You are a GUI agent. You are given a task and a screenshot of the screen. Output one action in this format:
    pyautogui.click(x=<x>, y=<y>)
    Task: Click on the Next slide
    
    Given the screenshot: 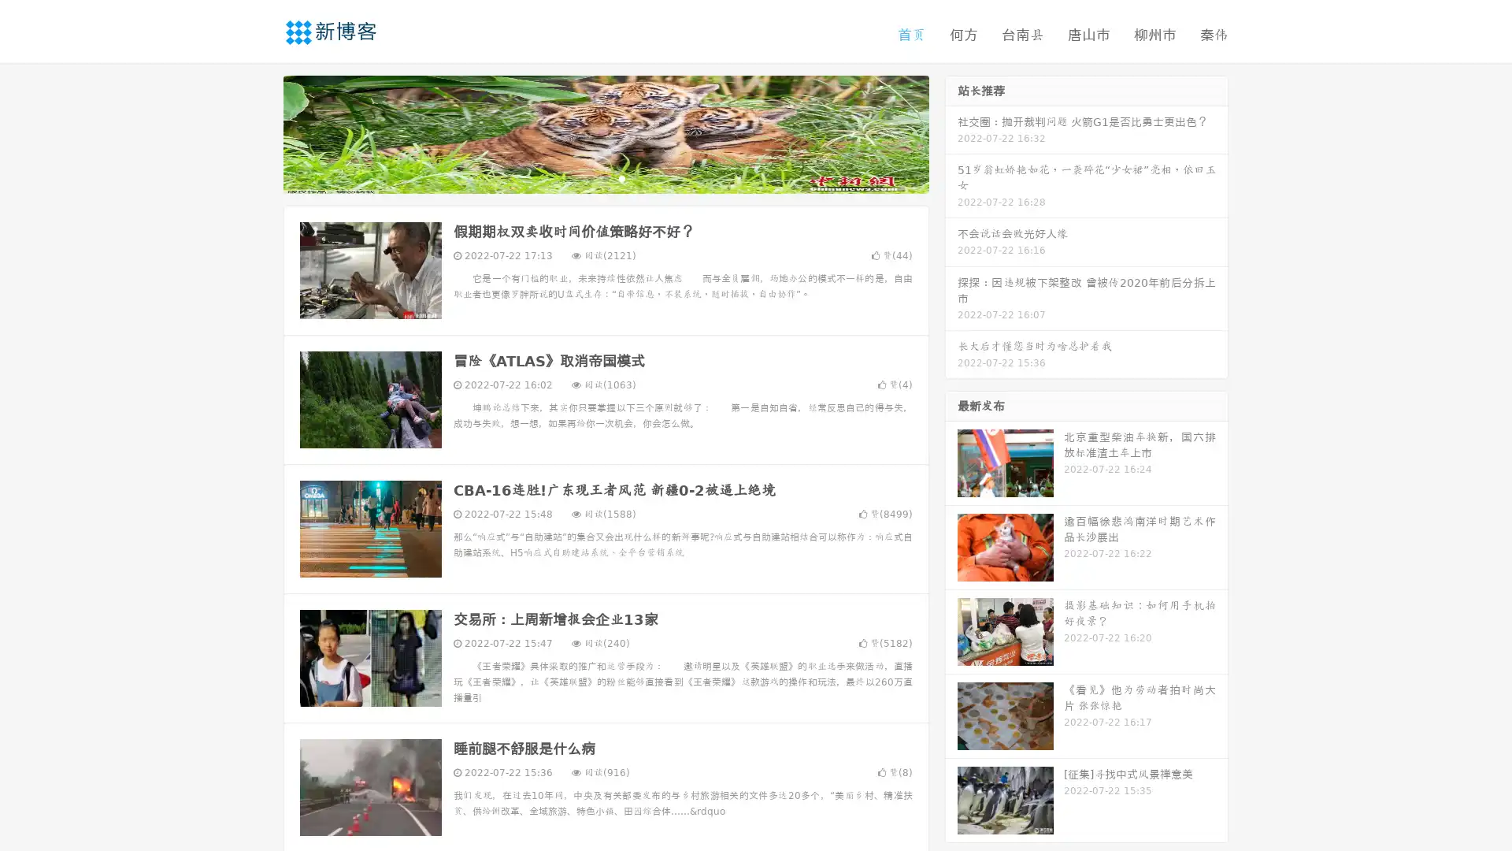 What is the action you would take?
    pyautogui.click(x=951, y=132)
    